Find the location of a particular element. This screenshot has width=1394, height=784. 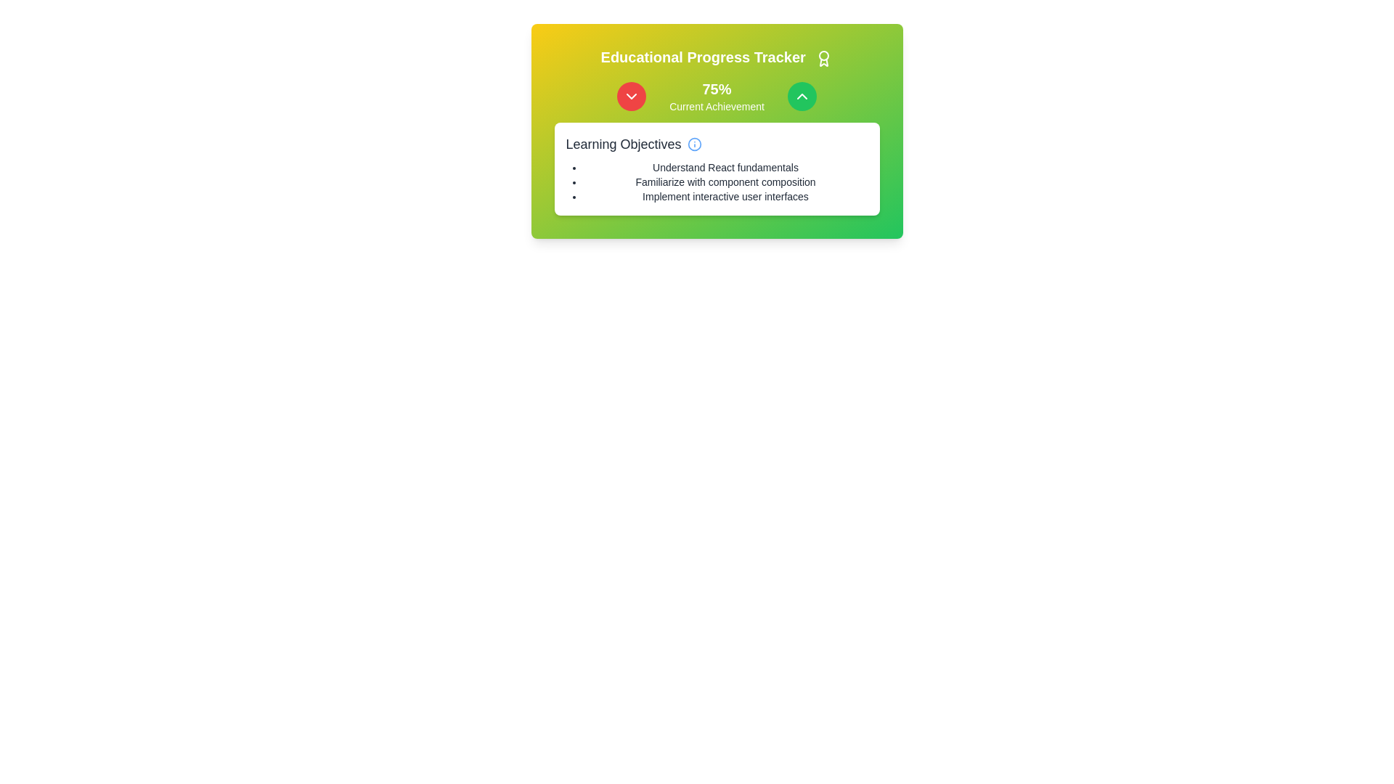

the SVG graphic component resembling a decorative ribbon located in the upper-right corner of the interface is located at coordinates (824, 62).